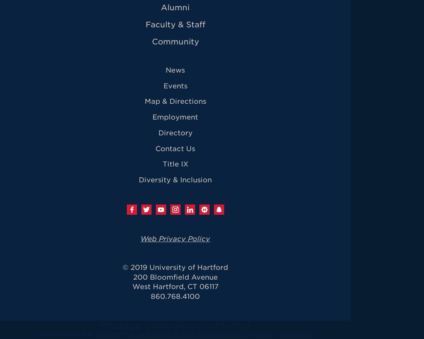 This screenshot has height=339, width=424. I want to click on 'Web Privacy Policy', so click(175, 238).